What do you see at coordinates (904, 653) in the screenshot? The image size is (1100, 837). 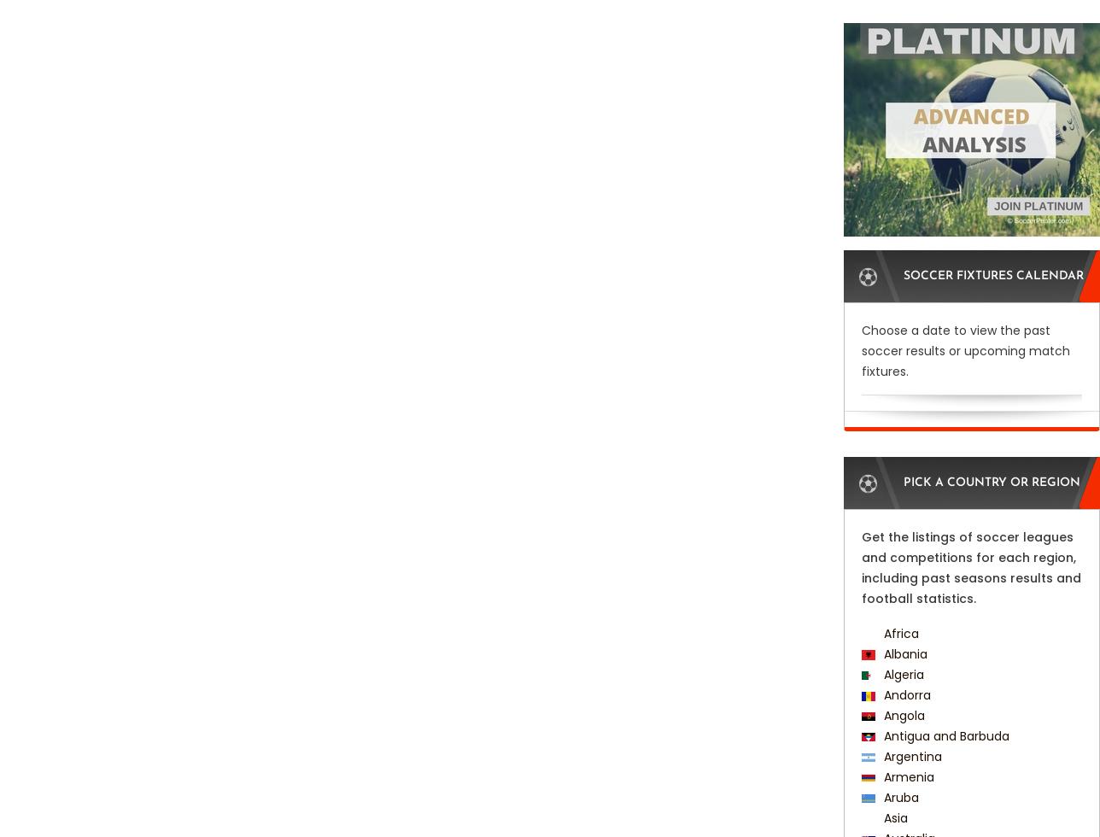 I see `'Albania'` at bounding box center [904, 653].